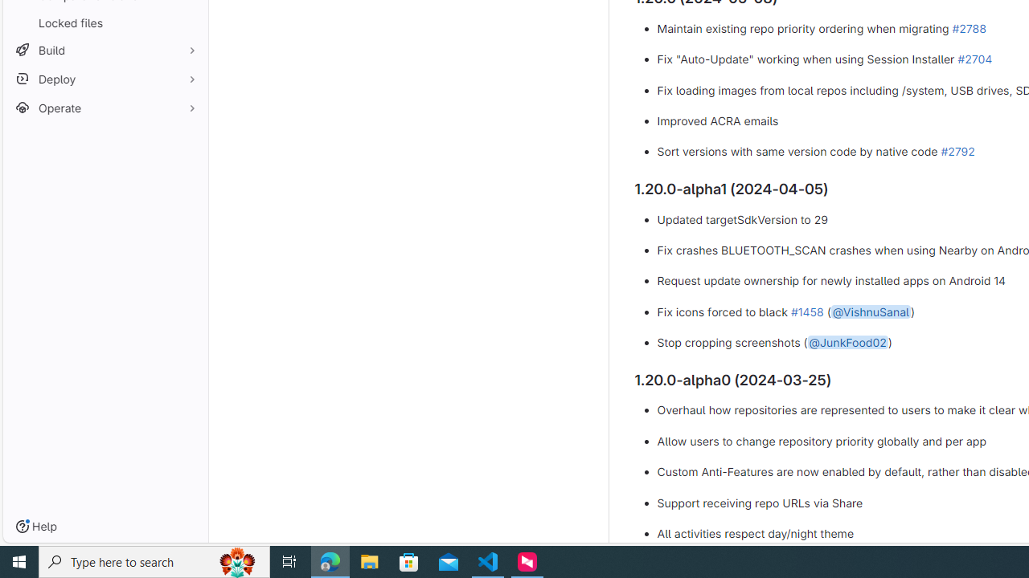 The height and width of the screenshot is (578, 1029). What do you see at coordinates (105, 108) in the screenshot?
I see `'Operate'` at bounding box center [105, 108].